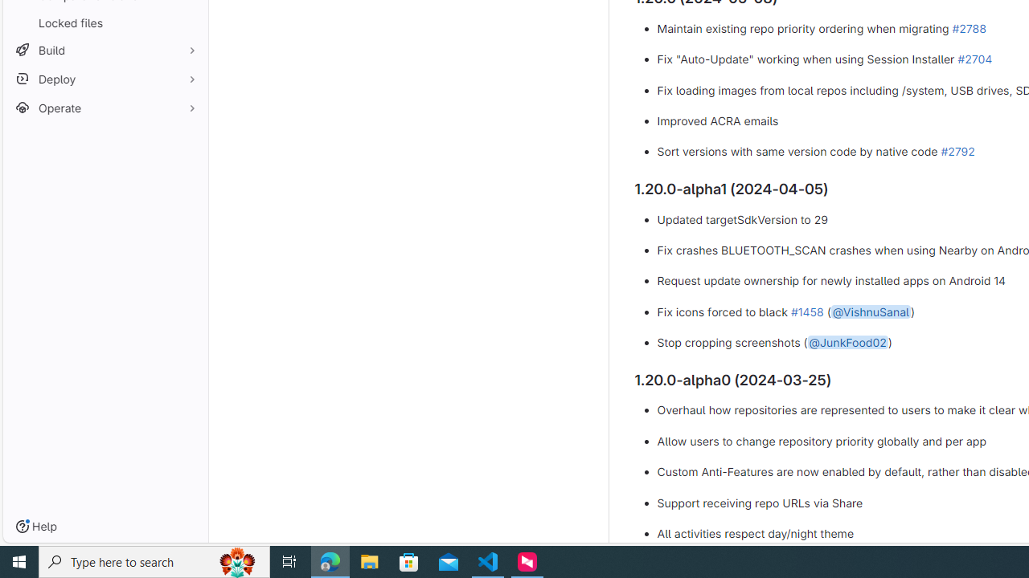 The height and width of the screenshot is (578, 1029). What do you see at coordinates (105, 108) in the screenshot?
I see `'Operate'` at bounding box center [105, 108].